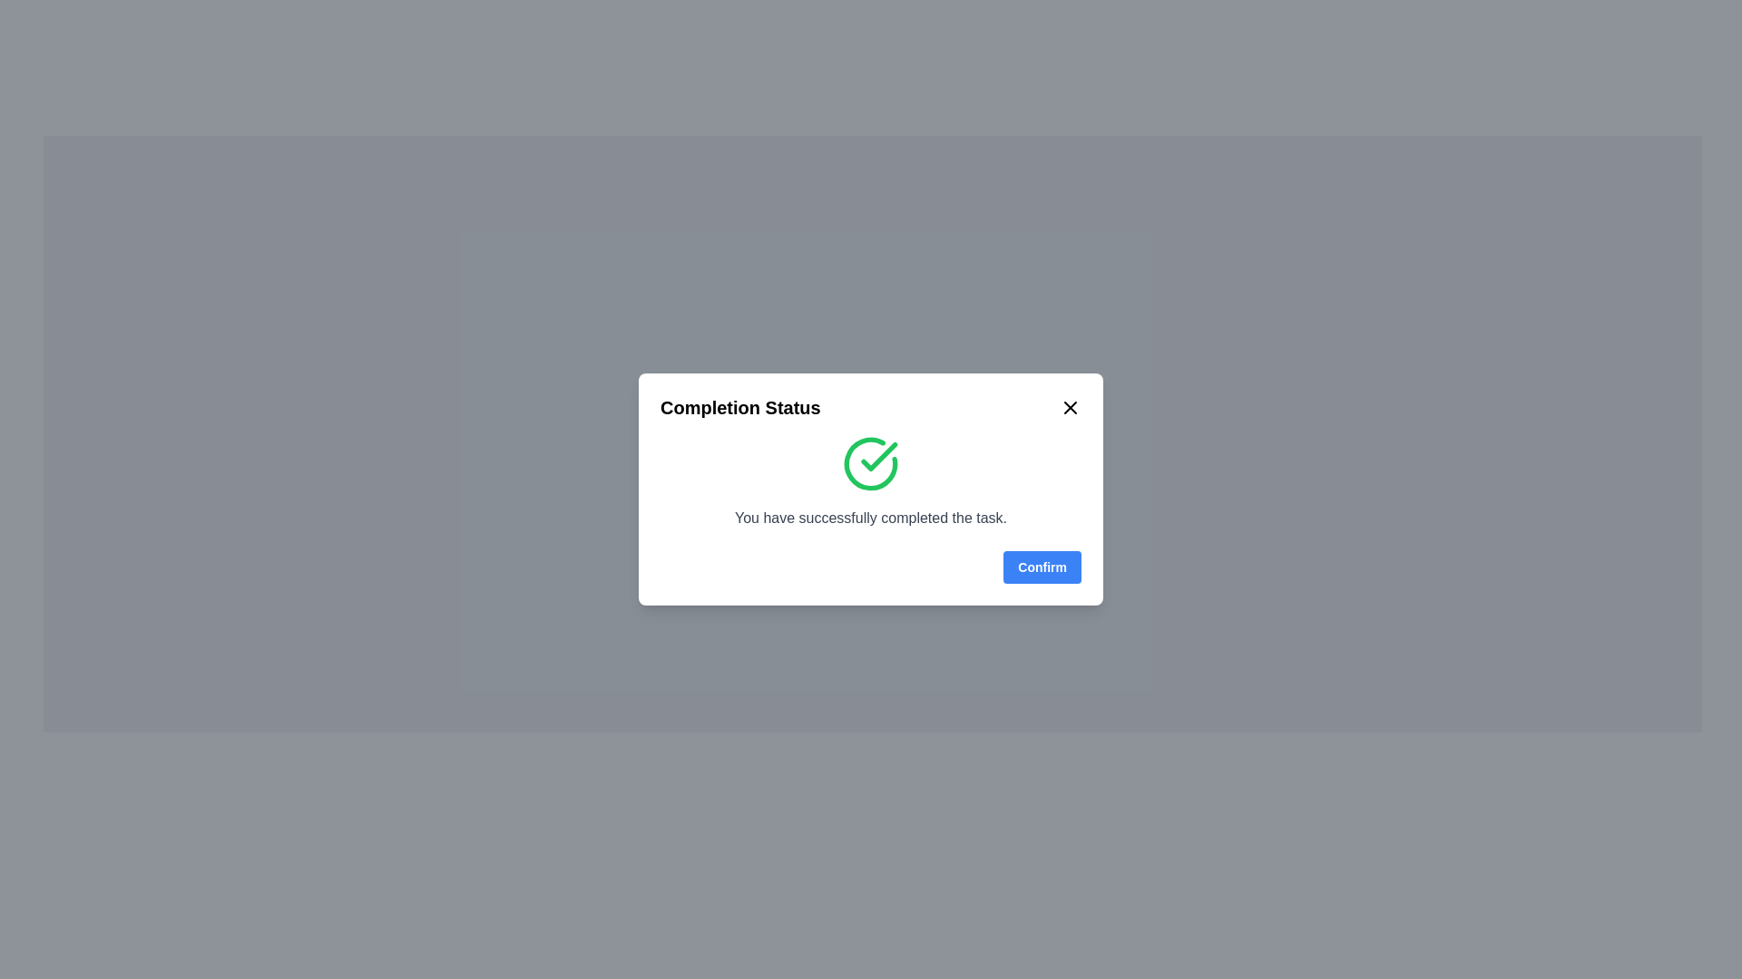  I want to click on the green circular icon with a check mark that indicates successful task completion, which is located in the modal dialog box below the title 'Completion Status', so click(871, 481).